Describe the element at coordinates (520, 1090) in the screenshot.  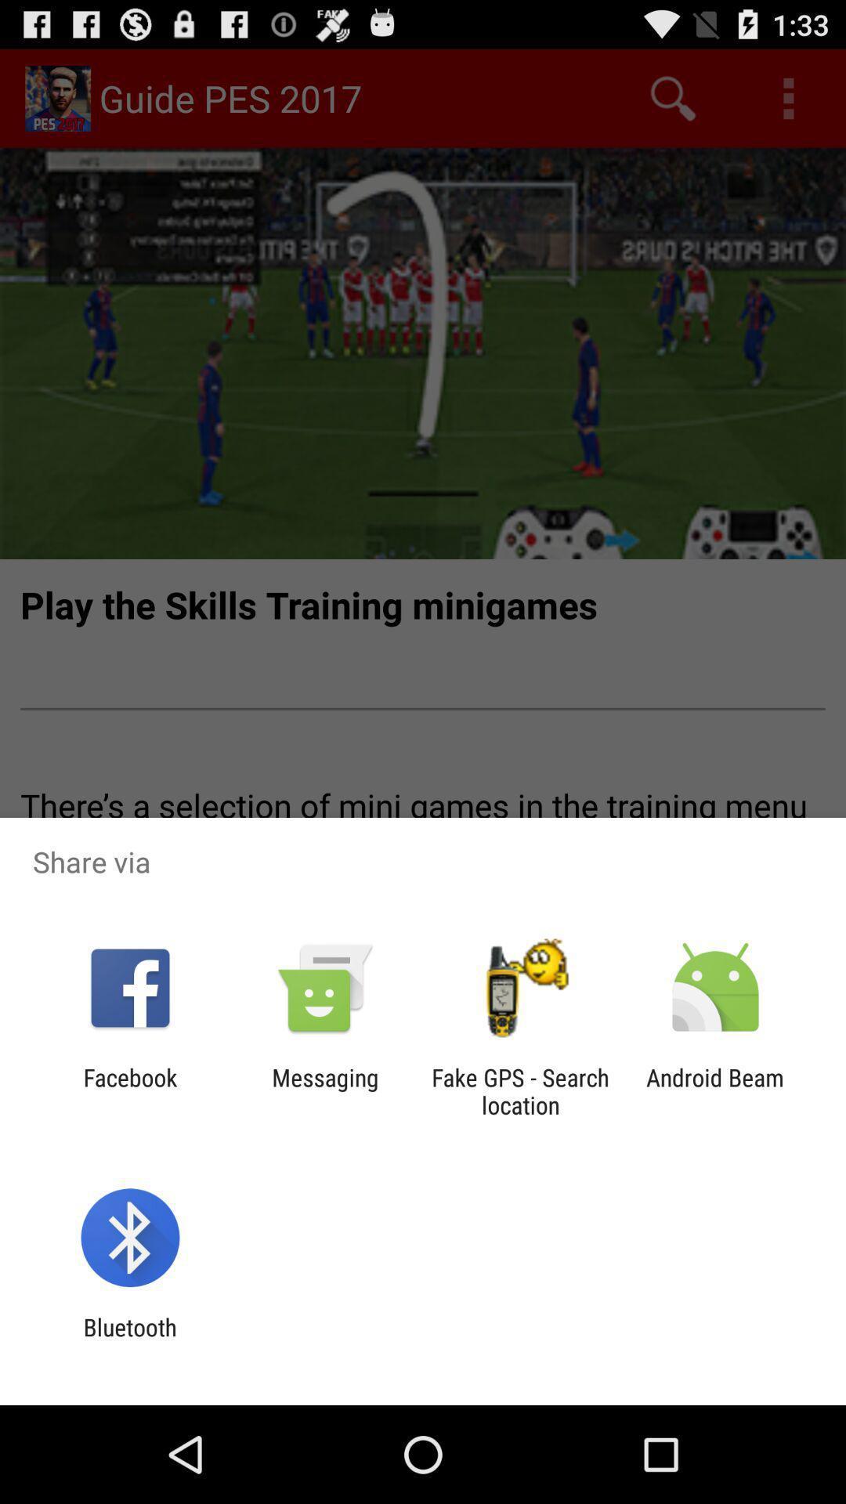
I see `icon next to messaging` at that location.